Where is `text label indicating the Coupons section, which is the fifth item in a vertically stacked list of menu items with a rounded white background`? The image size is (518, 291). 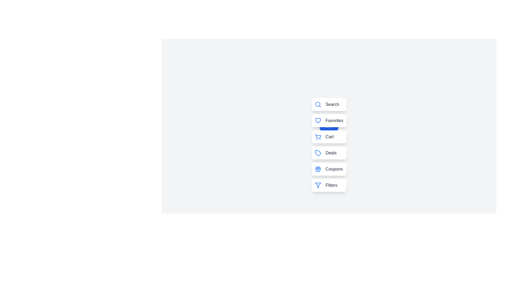
text label indicating the Coupons section, which is the fifth item in a vertically stacked list of menu items with a rounded white background is located at coordinates (334, 169).